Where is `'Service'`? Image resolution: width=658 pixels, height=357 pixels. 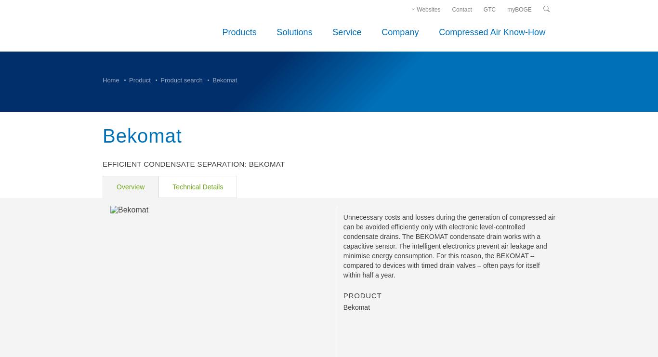
'Service' is located at coordinates (347, 31).